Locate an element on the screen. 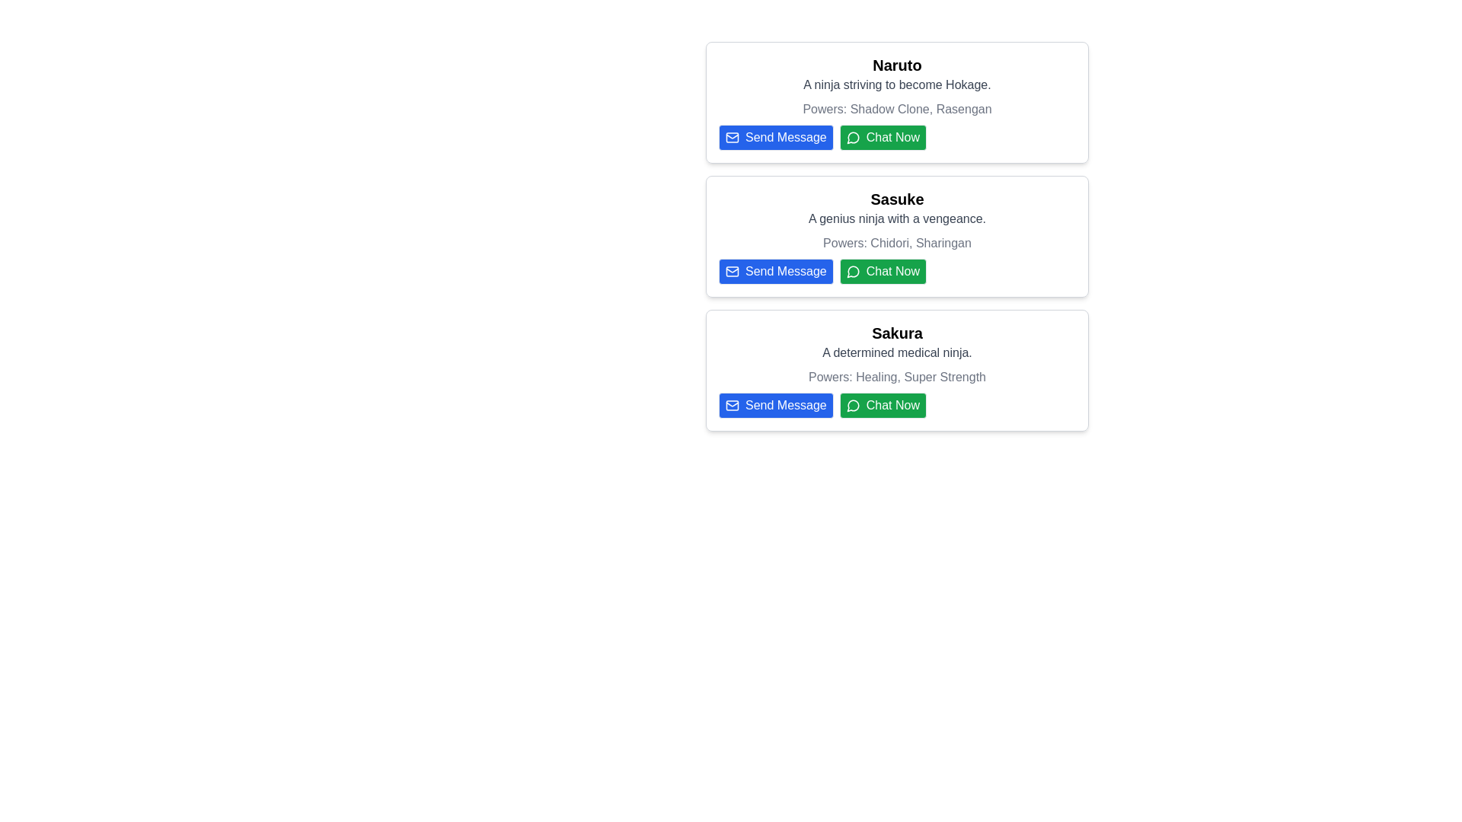 This screenshot has width=1462, height=822. the green 'Chat Now' button with a speech bubble icon located in the bottom-right section of the Sasuke user card to initiate chat is located at coordinates (883, 271).